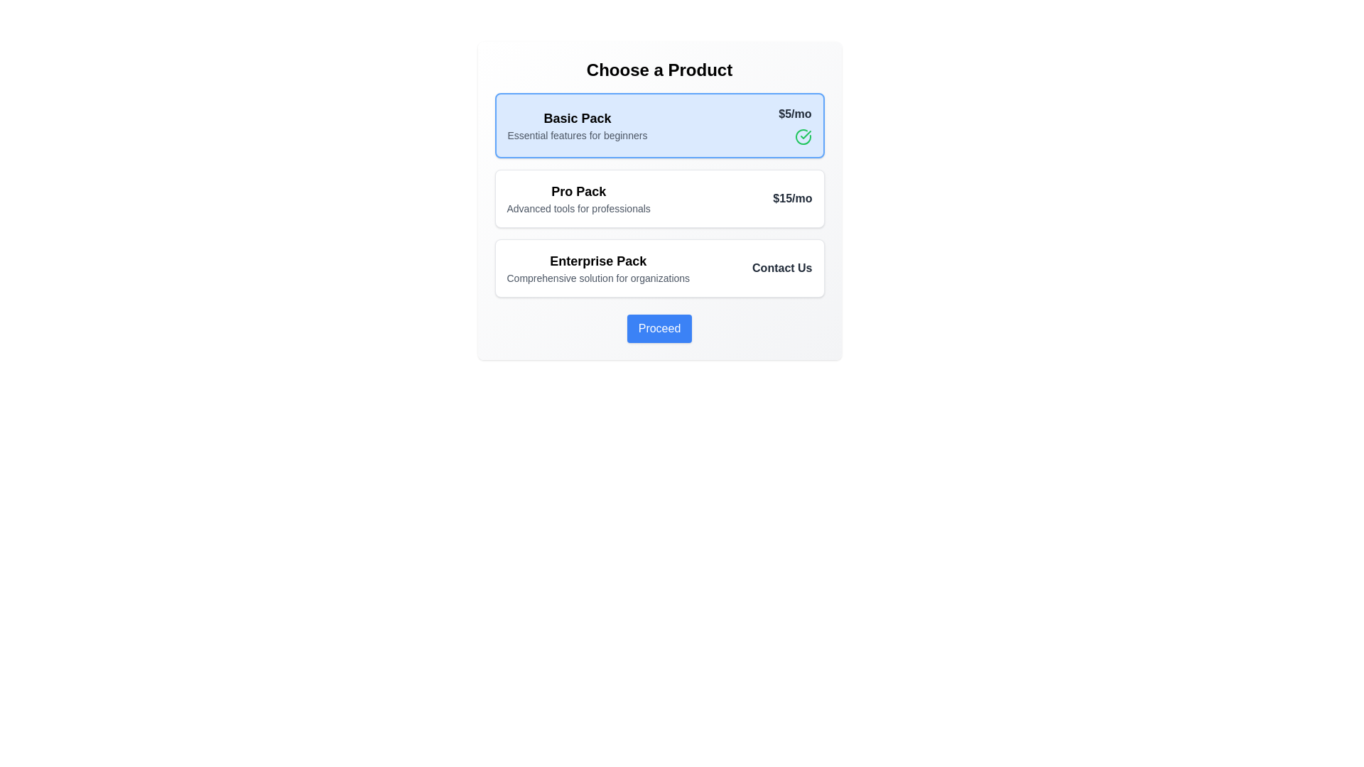  I want to click on the Checkmark icon within the circular boundary, which is styled with a green stroke and positioned near the top-right corner of the 'Basic Pack' option in the product selection interface, so click(805, 134).